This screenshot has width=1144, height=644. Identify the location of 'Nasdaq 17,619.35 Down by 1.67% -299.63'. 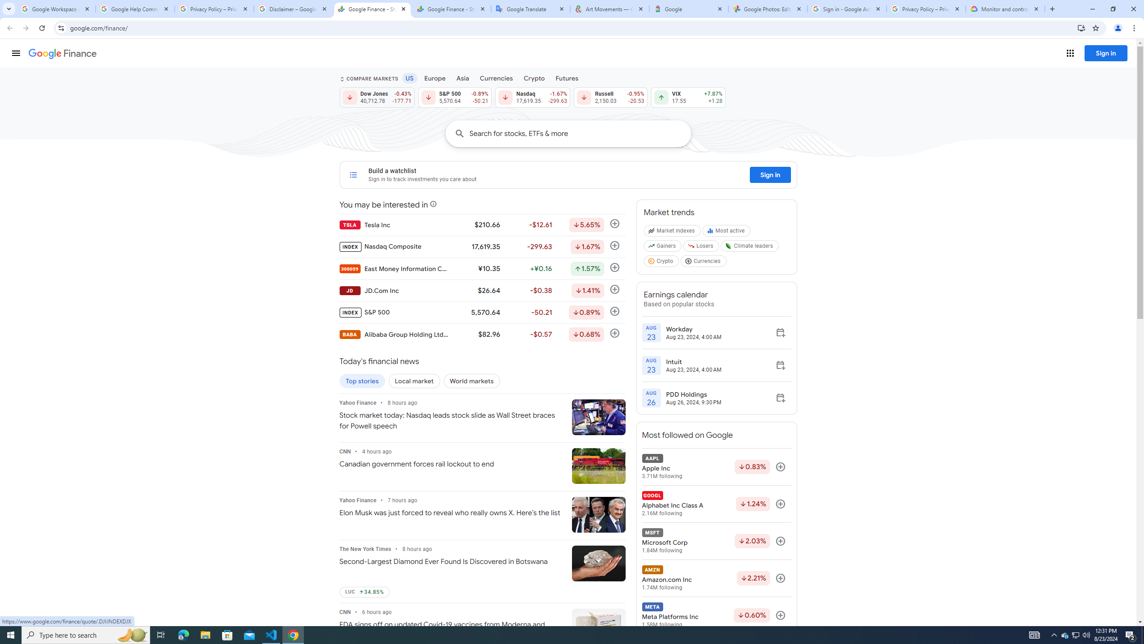
(532, 97).